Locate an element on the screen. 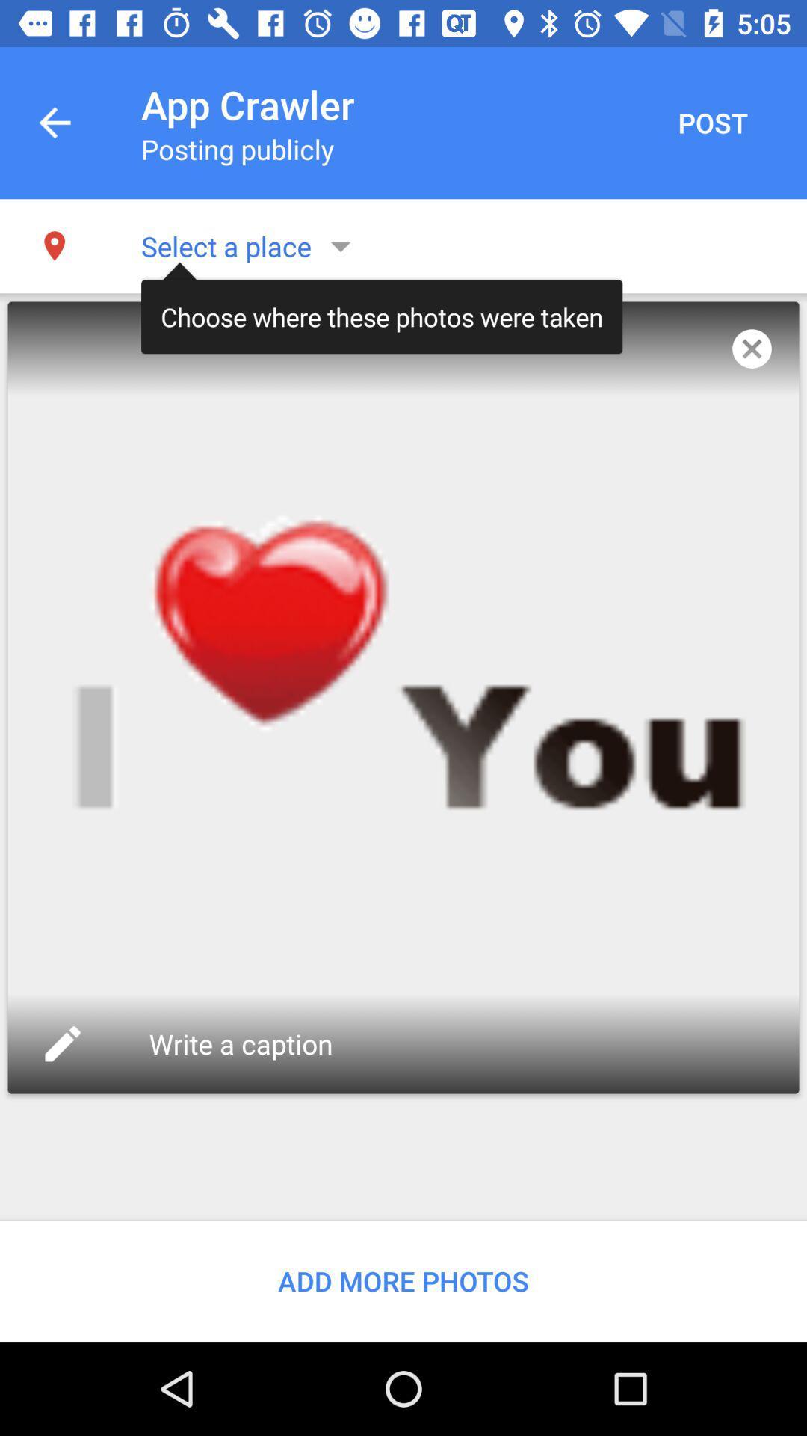 The image size is (807, 1436). add more photos app is located at coordinates (403, 1280).